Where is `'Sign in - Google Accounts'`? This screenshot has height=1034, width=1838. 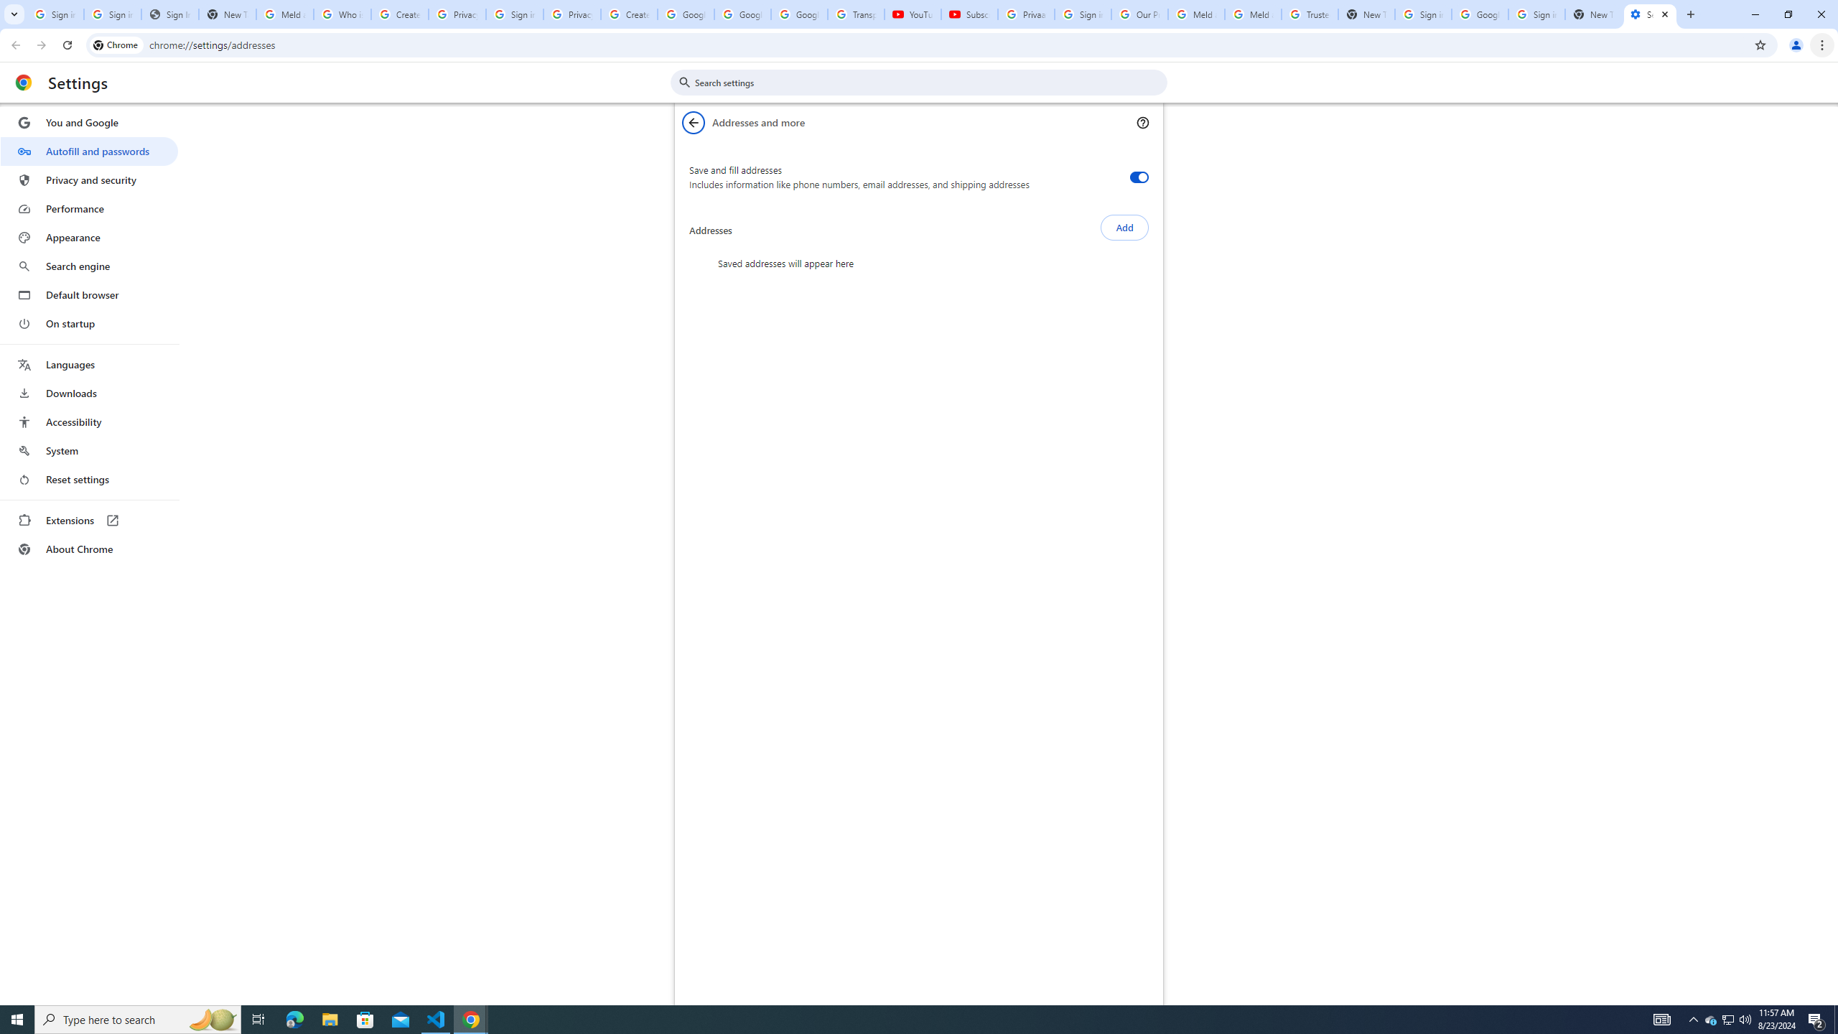 'Sign in - Google Accounts' is located at coordinates (1536, 14).